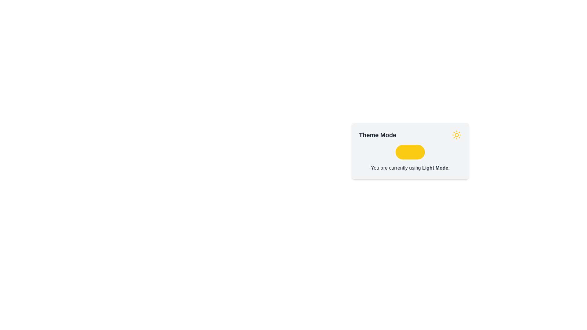  Describe the element at coordinates (435, 168) in the screenshot. I see `text label 'Light Mode' located at the bottom of the UI card component, which is styled in bold font` at that location.